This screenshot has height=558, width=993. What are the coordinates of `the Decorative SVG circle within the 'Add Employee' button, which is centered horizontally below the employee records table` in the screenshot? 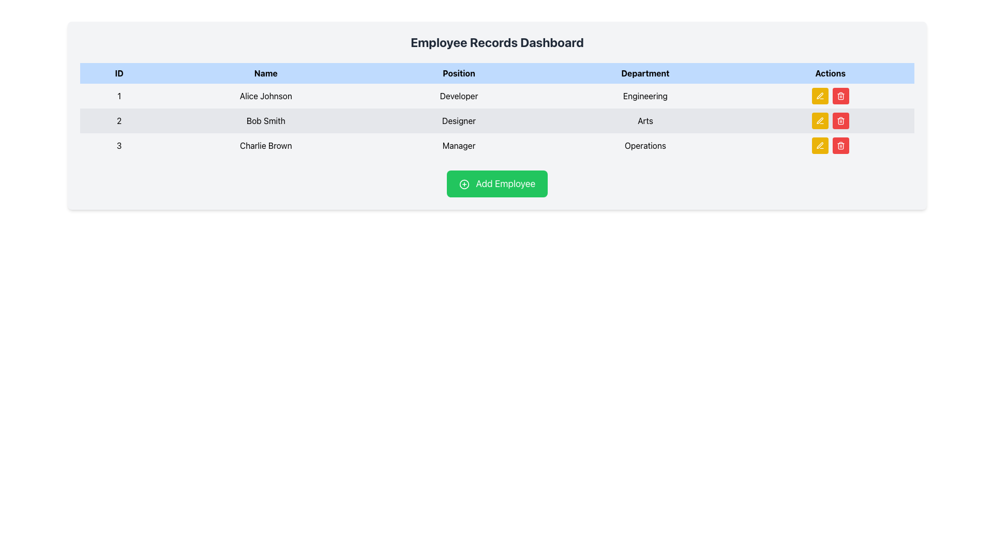 It's located at (463, 184).